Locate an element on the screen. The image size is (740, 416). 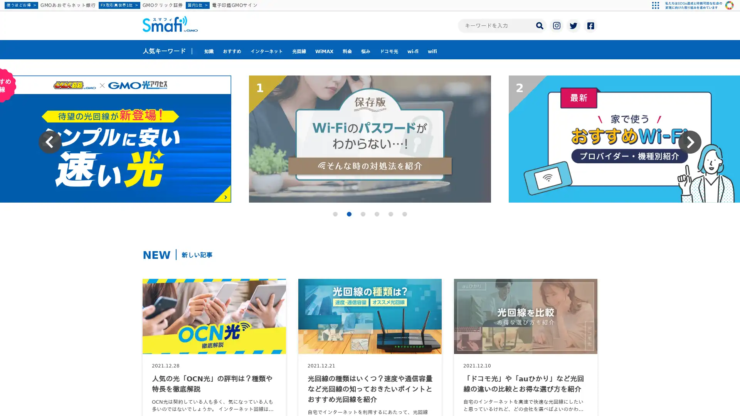
Previous is located at coordinates (49, 142).